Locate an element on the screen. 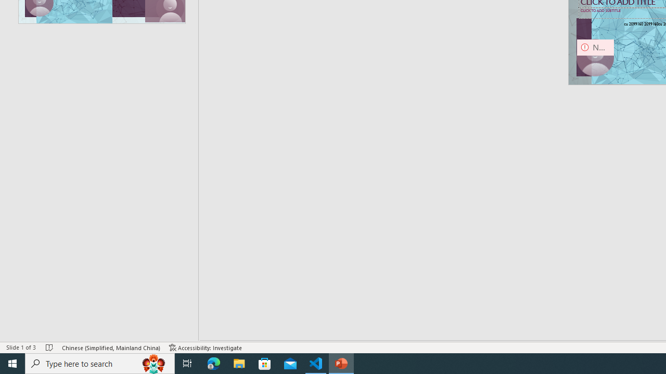  'Accessibility Checker Accessibility: Investigate' is located at coordinates (206, 348).